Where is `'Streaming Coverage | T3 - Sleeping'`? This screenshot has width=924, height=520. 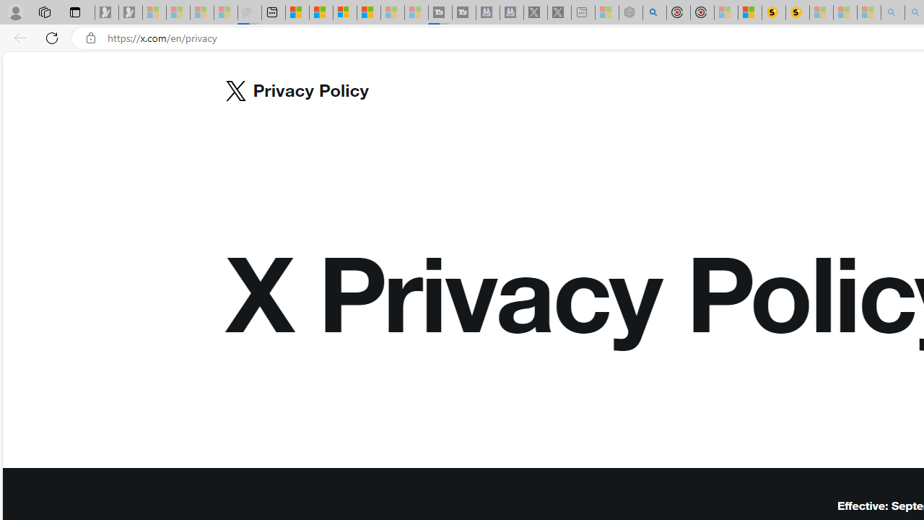 'Streaming Coverage | T3 - Sleeping' is located at coordinates (439, 12).